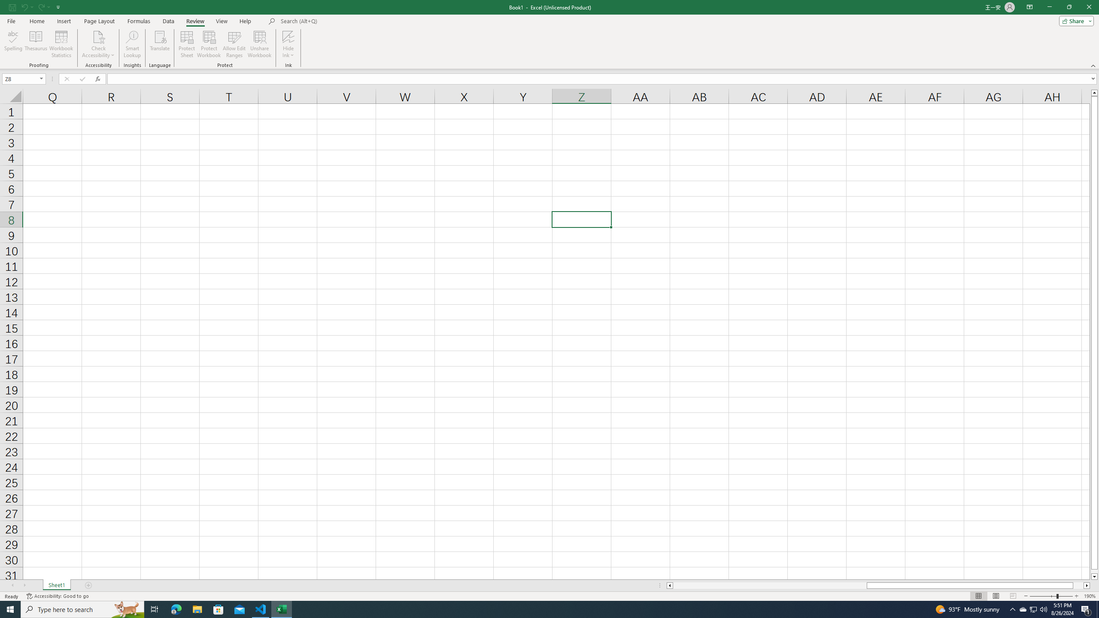 This screenshot has width=1099, height=618. I want to click on 'Thesaurus...', so click(35, 44).